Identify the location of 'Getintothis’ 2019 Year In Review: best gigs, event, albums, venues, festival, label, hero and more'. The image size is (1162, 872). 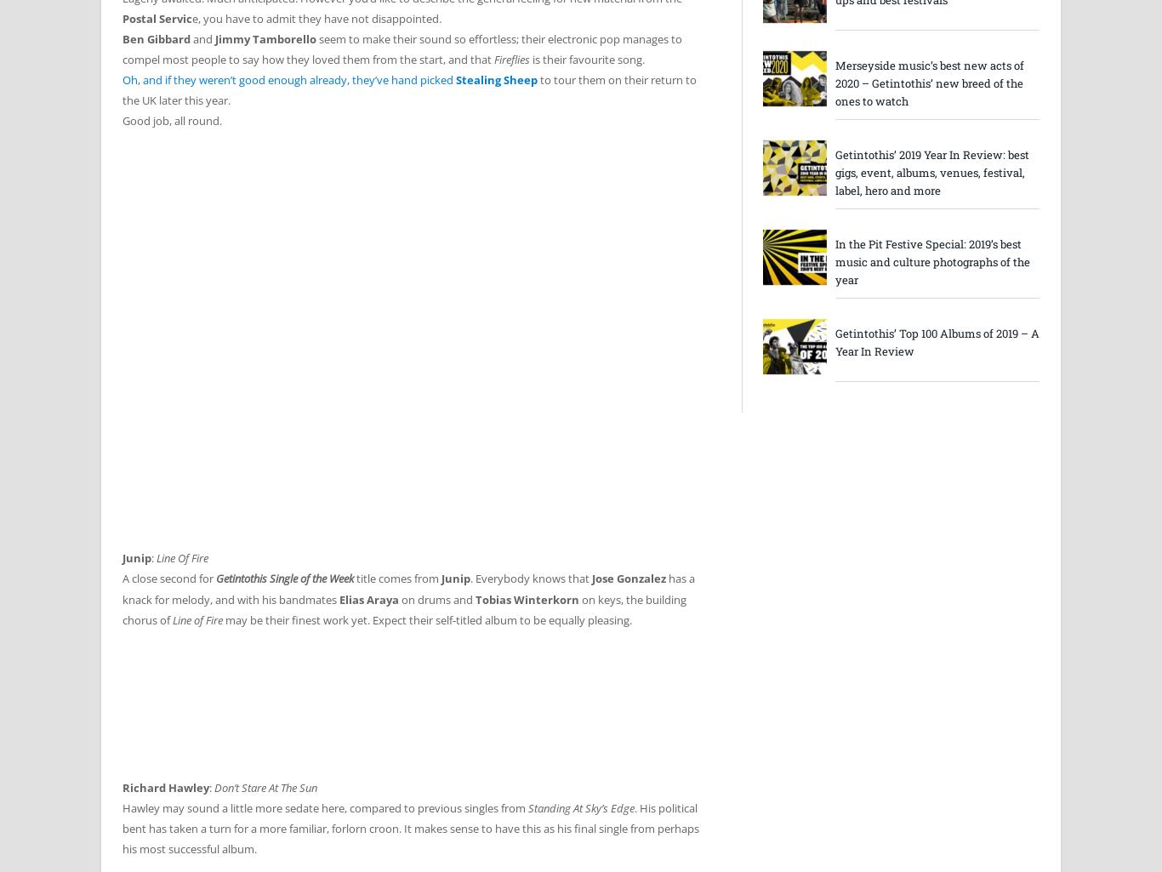
(931, 172).